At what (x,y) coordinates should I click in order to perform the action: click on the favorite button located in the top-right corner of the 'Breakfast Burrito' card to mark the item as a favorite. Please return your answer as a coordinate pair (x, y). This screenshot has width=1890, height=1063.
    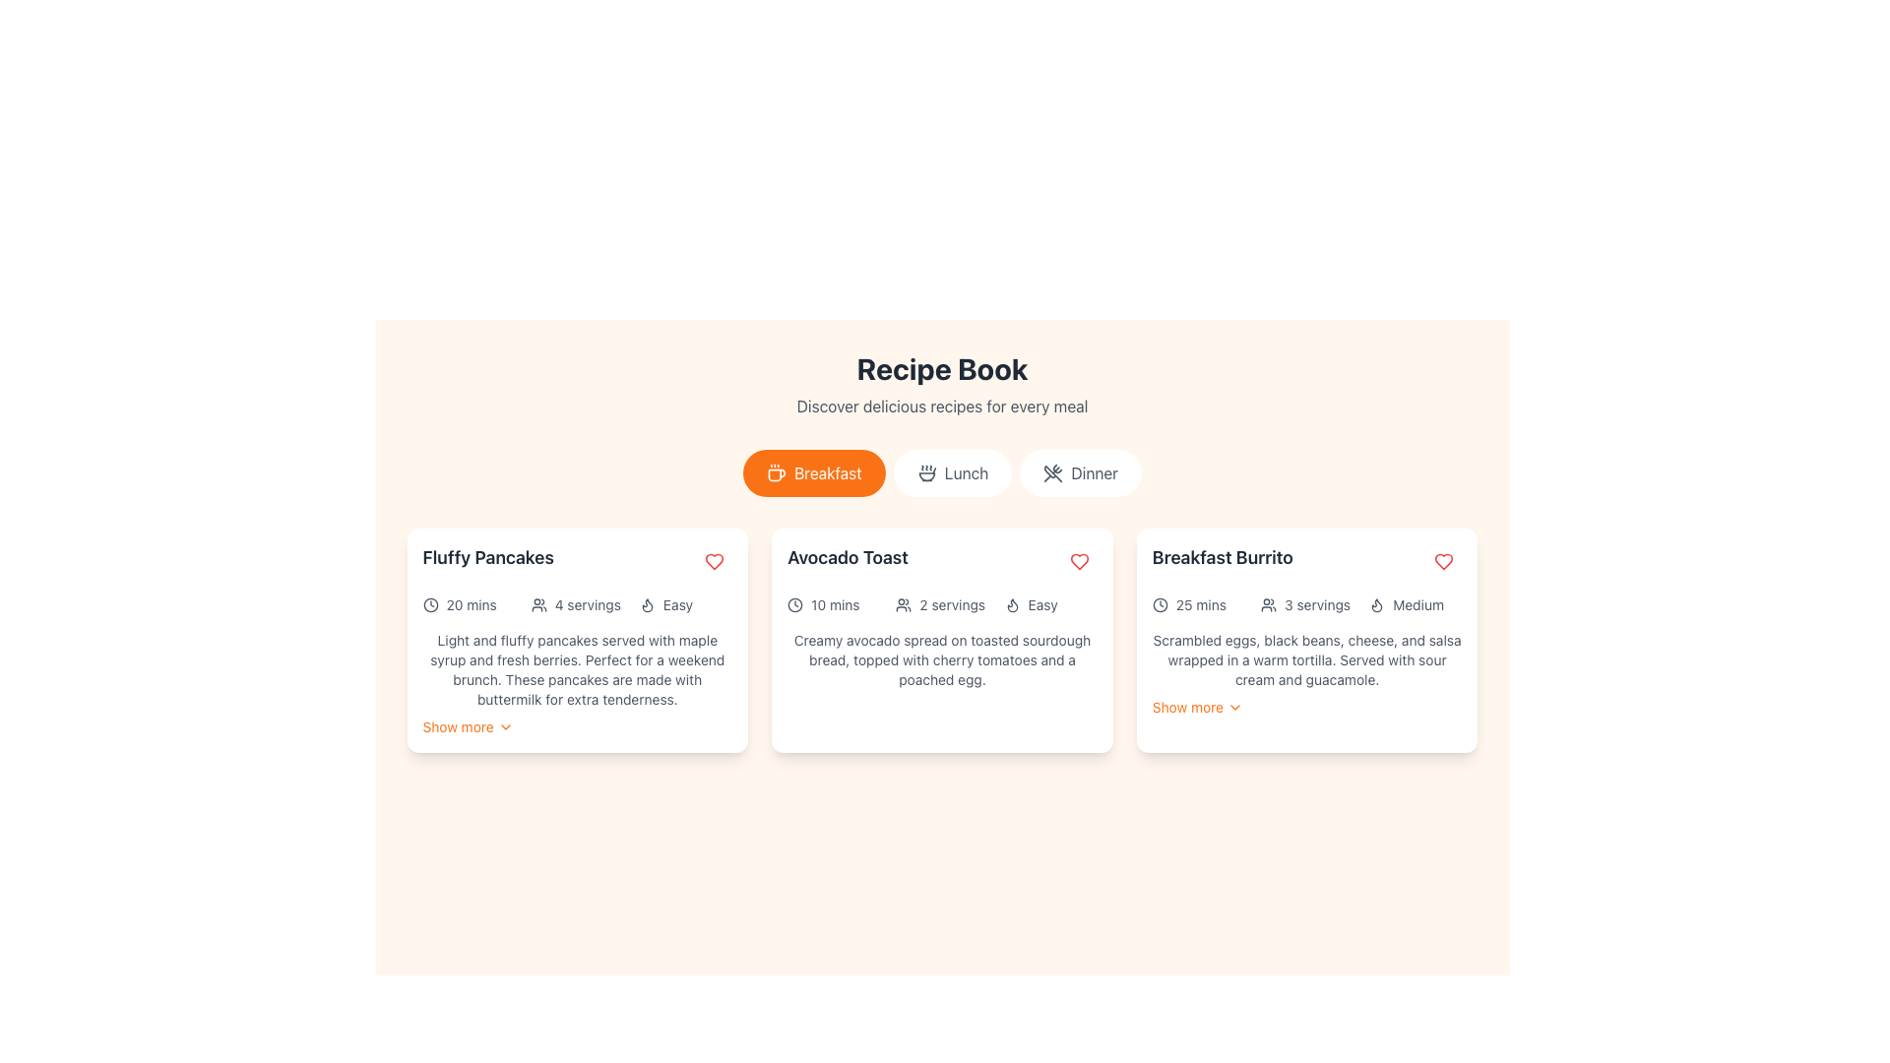
    Looking at the image, I should click on (1444, 561).